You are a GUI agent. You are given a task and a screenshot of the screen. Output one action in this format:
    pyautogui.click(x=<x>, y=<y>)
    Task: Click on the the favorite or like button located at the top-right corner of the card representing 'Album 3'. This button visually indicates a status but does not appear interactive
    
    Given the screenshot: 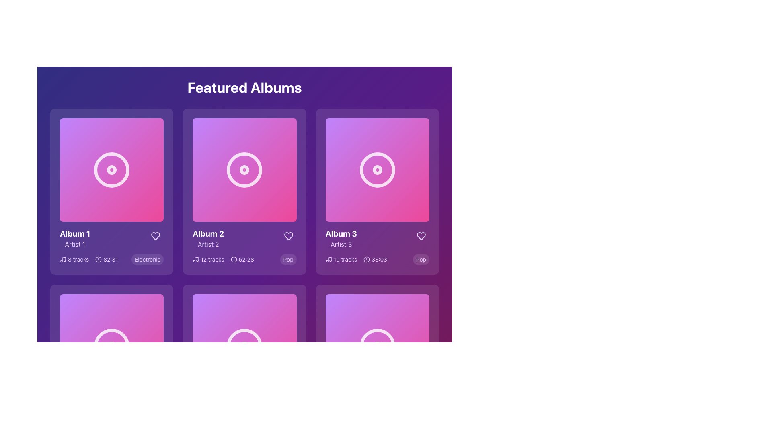 What is the action you would take?
    pyautogui.click(x=421, y=235)
    